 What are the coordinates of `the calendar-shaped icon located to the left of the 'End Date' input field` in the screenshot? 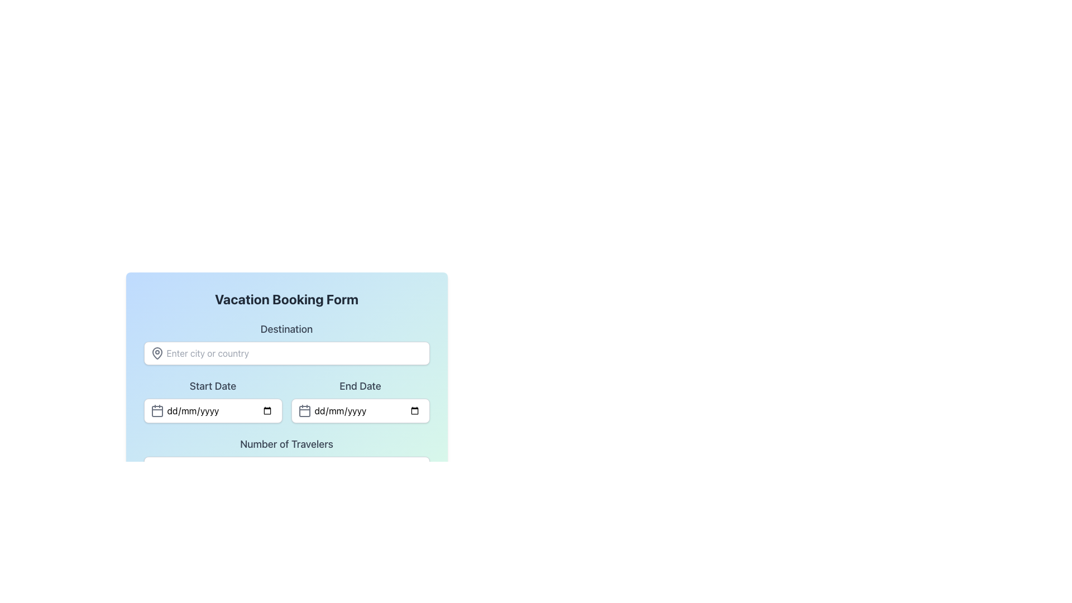 It's located at (304, 411).